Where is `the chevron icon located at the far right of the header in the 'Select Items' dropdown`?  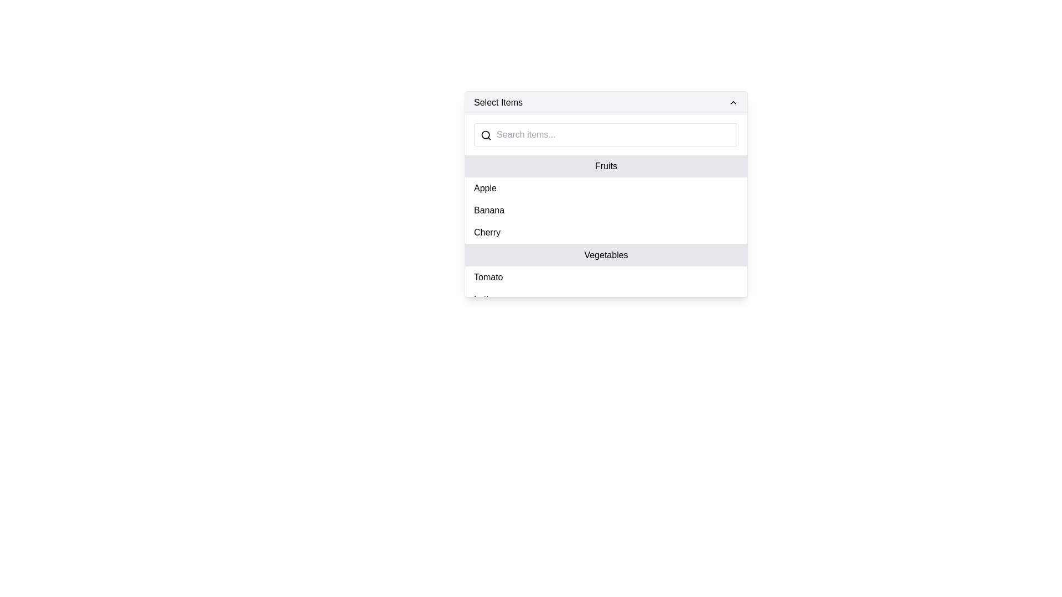
the chevron icon located at the far right of the header in the 'Select Items' dropdown is located at coordinates (733, 102).